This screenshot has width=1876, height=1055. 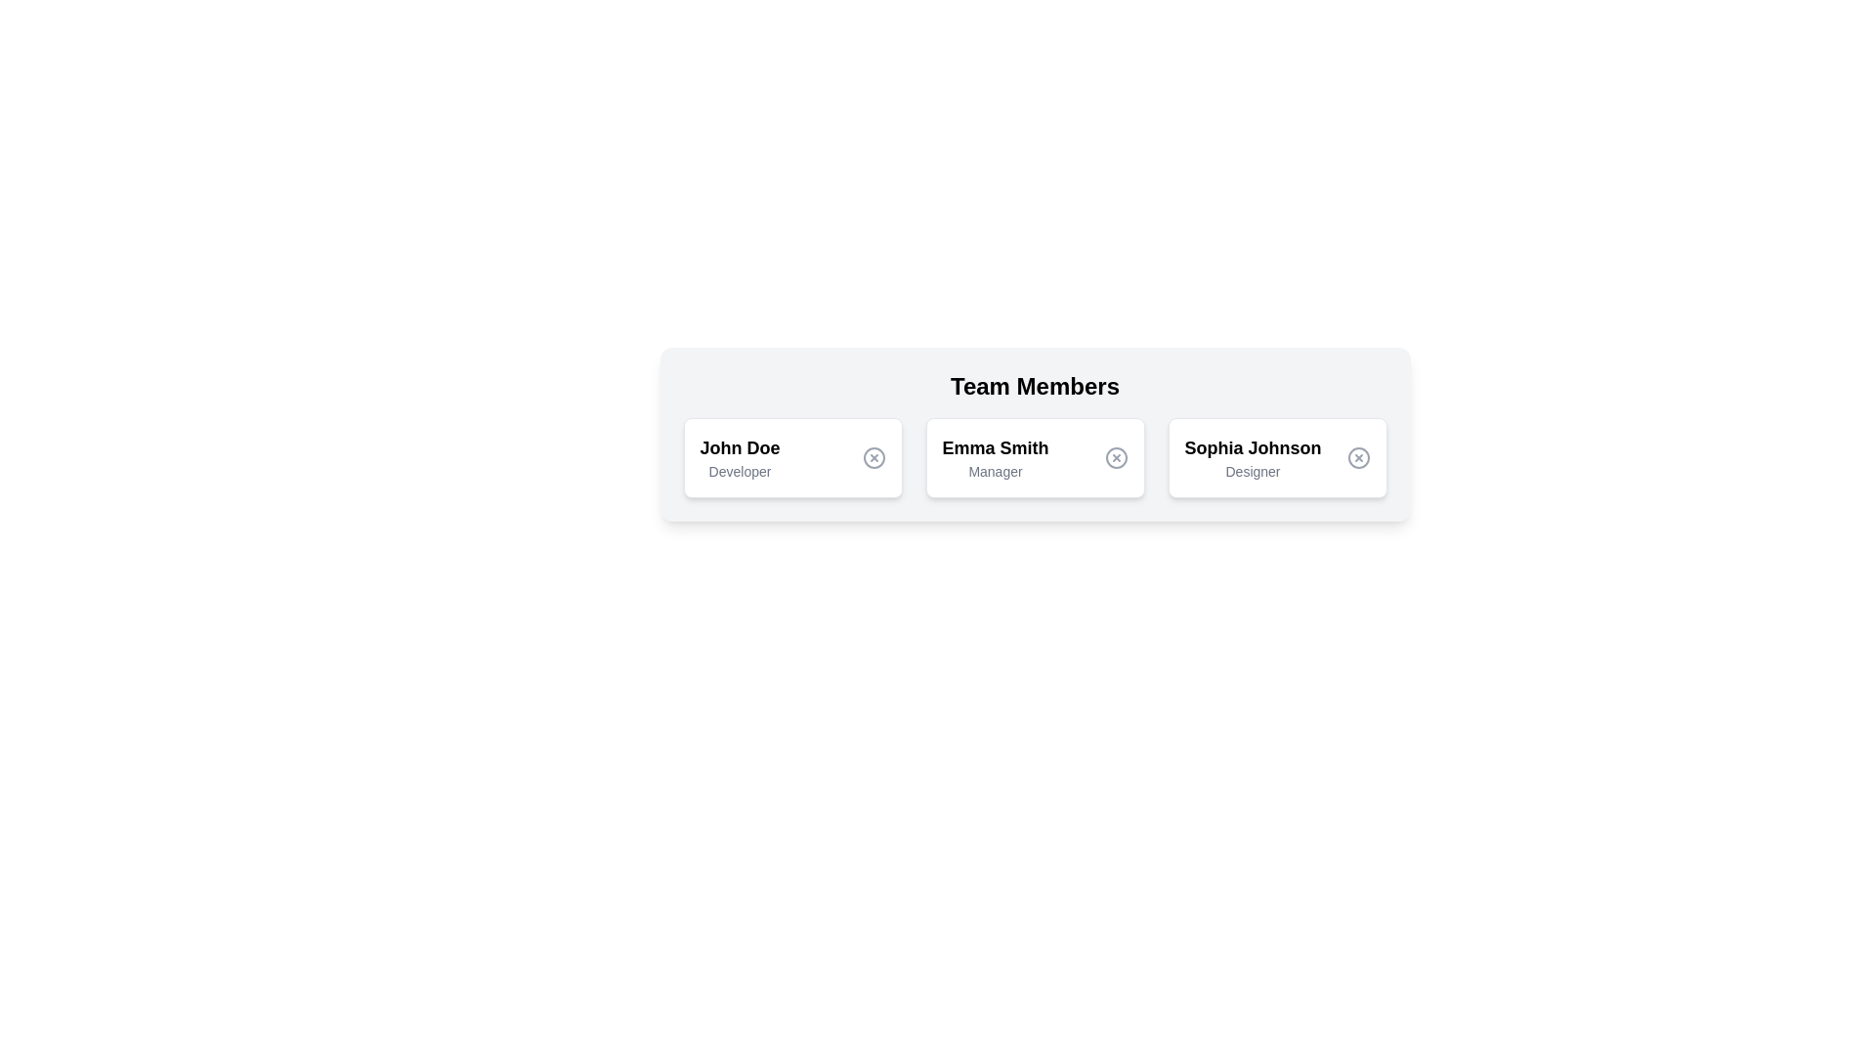 I want to click on the profile card for Emma Smith, so click(x=1034, y=458).